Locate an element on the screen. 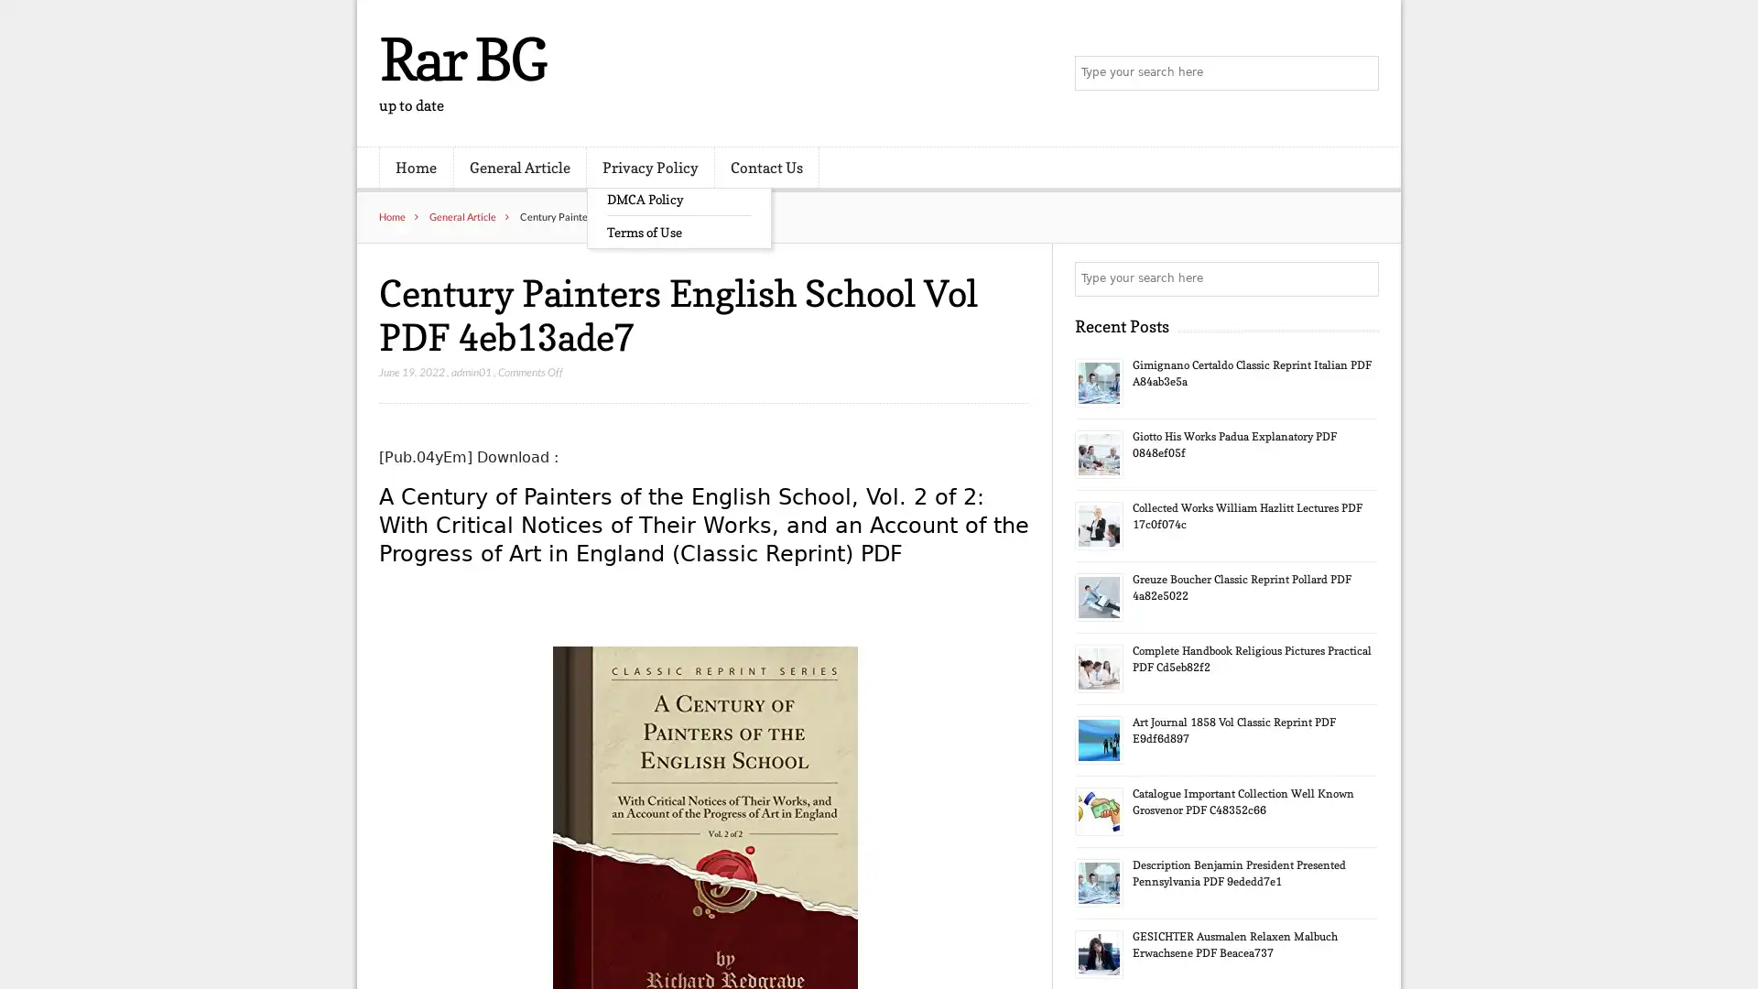 This screenshot has height=989, width=1758. Search is located at coordinates (1360, 278).